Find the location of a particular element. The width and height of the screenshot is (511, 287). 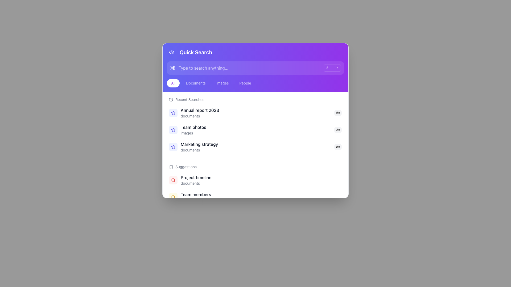

the purple rounded Icon button with a white eye icon located at the leftmost position of the horizontal layout for 'Quick Search' is located at coordinates (171, 52).